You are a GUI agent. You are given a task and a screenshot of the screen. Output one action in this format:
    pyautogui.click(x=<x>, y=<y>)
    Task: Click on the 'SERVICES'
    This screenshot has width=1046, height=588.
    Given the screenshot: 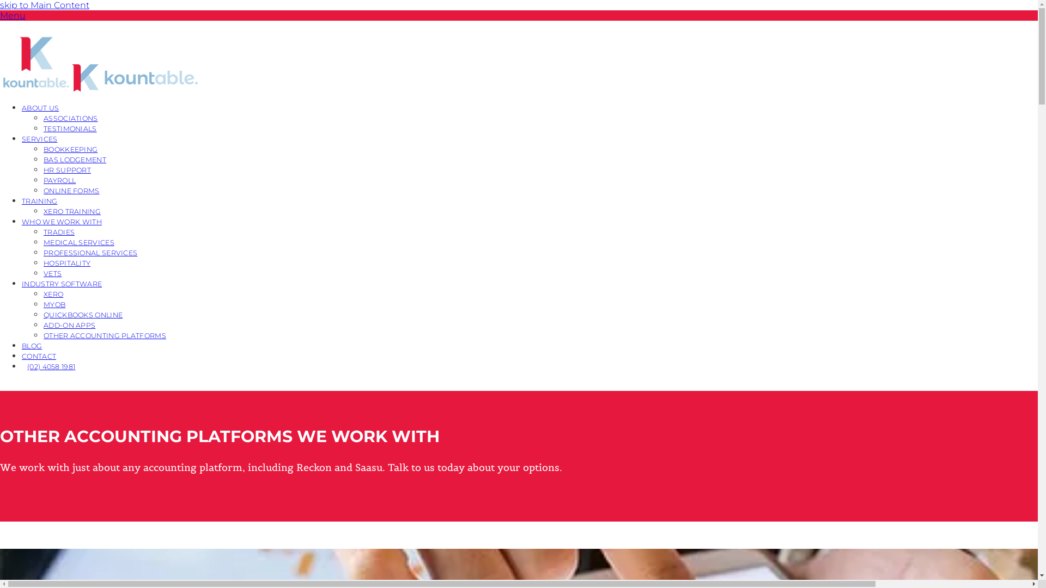 What is the action you would take?
    pyautogui.click(x=39, y=138)
    